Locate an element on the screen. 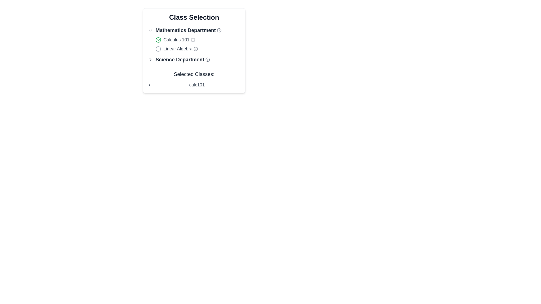  the Text label indicating the selected classes of the user, located near the bottom of a grouped interface list, above 'calc101' is located at coordinates (194, 74).